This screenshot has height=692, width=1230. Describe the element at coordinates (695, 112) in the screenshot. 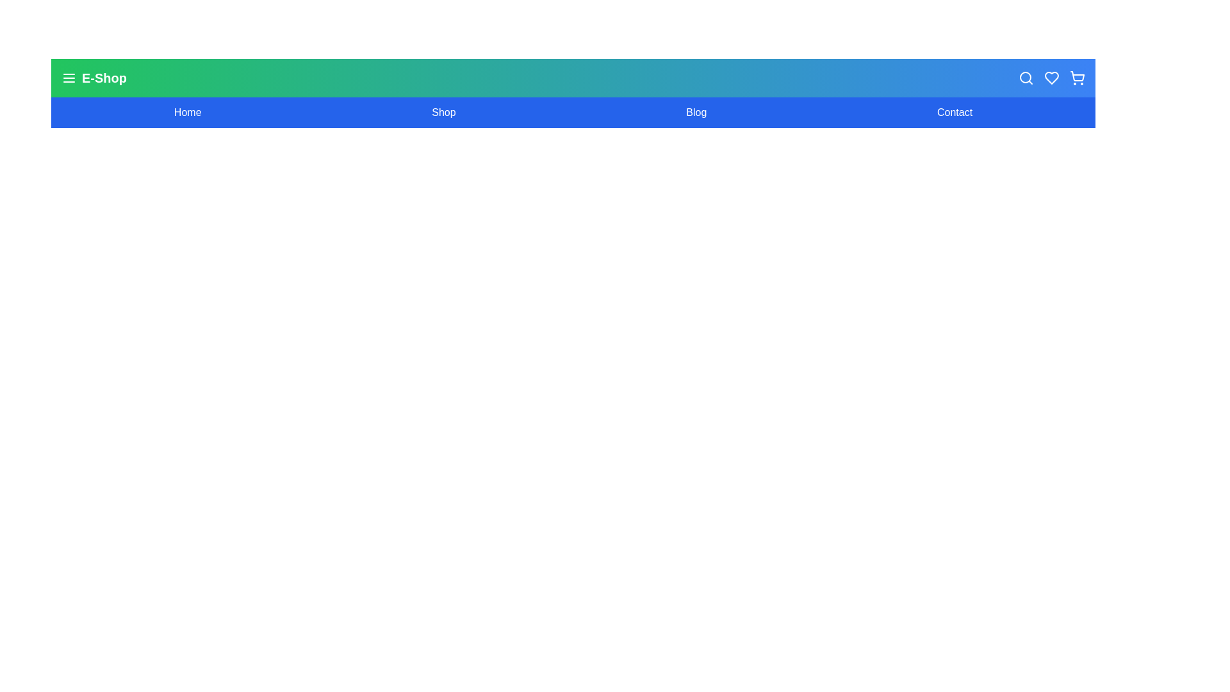

I see `the navigation link Blog` at that location.